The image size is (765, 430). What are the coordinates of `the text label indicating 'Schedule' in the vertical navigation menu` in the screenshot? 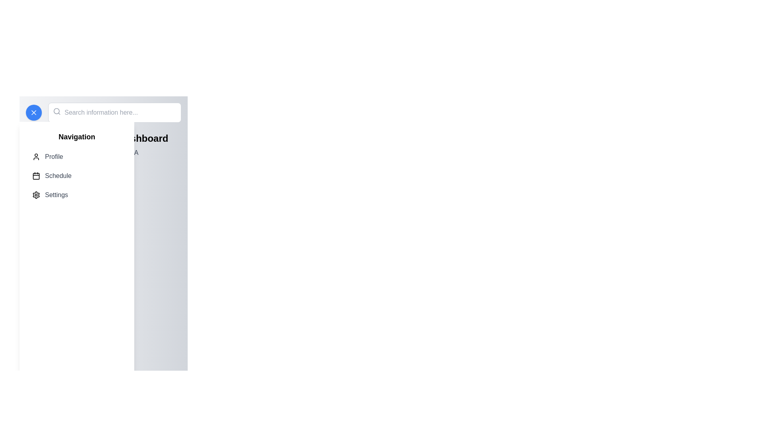 It's located at (58, 176).